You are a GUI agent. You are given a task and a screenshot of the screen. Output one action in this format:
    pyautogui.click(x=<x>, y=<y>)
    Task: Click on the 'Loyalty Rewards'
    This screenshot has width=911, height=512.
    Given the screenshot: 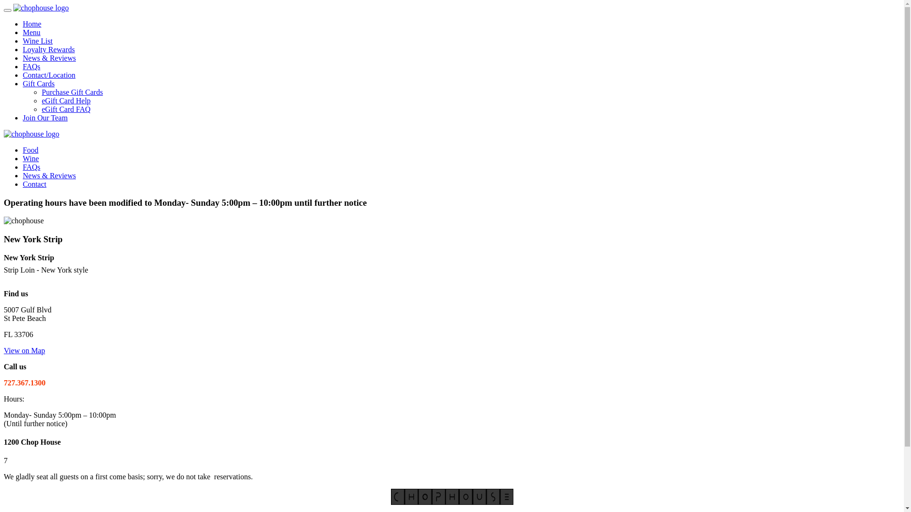 What is the action you would take?
    pyautogui.click(x=48, y=49)
    